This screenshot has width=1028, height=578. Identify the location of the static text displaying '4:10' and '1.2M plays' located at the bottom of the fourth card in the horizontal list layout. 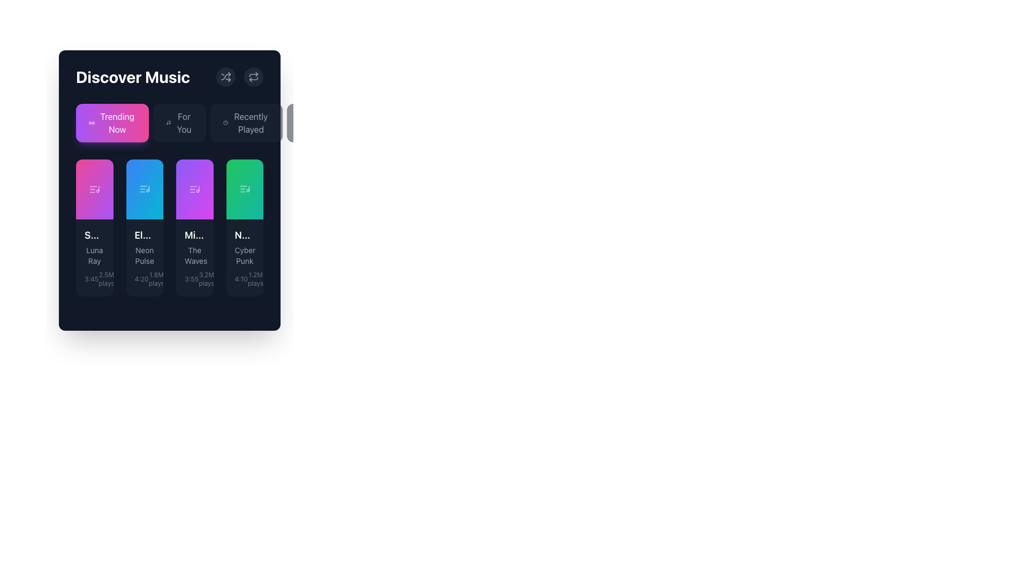
(244, 278).